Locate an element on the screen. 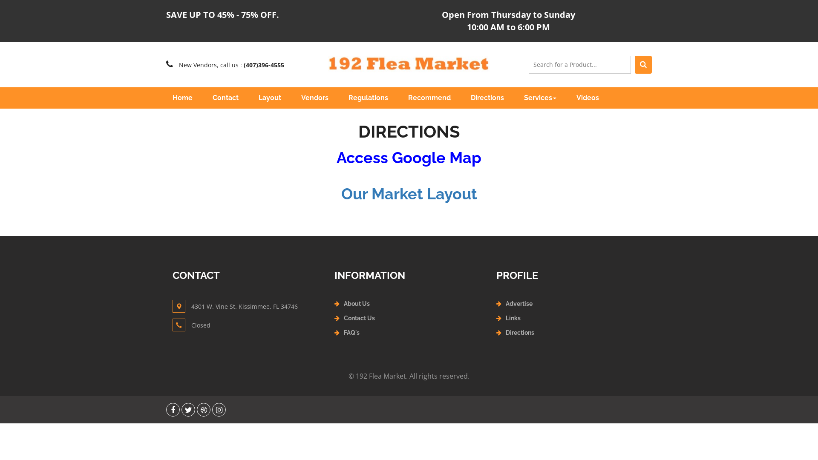  'About Us' is located at coordinates (357, 303).